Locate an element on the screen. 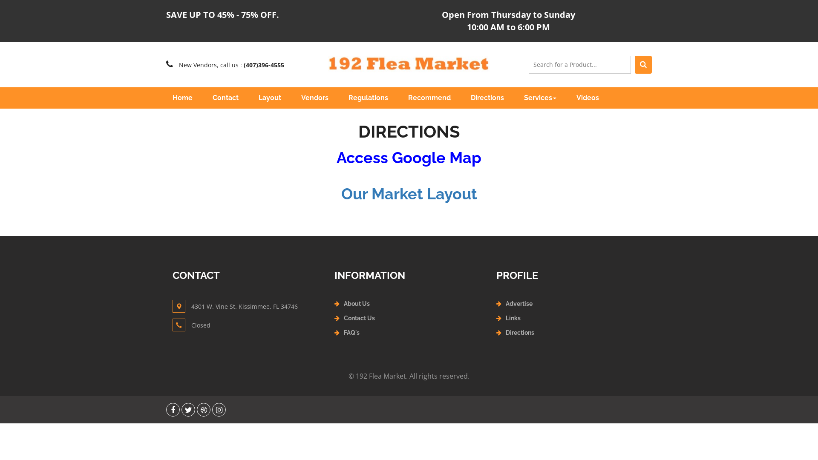  'About Us' is located at coordinates (357, 303).